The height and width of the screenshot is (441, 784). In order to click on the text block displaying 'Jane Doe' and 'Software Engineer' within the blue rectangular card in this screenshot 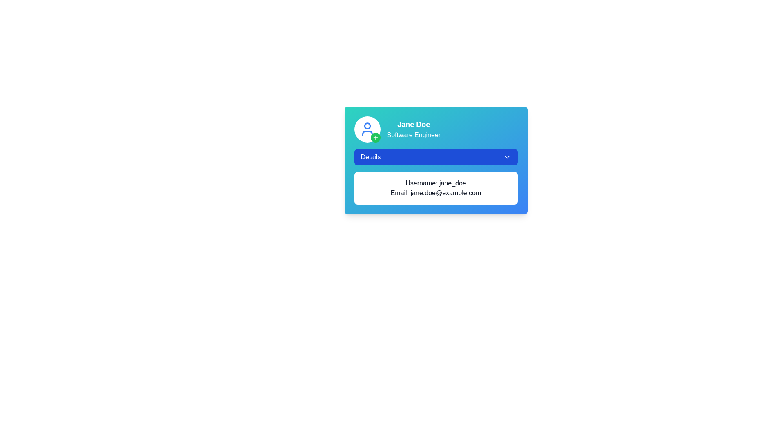, I will do `click(414, 129)`.